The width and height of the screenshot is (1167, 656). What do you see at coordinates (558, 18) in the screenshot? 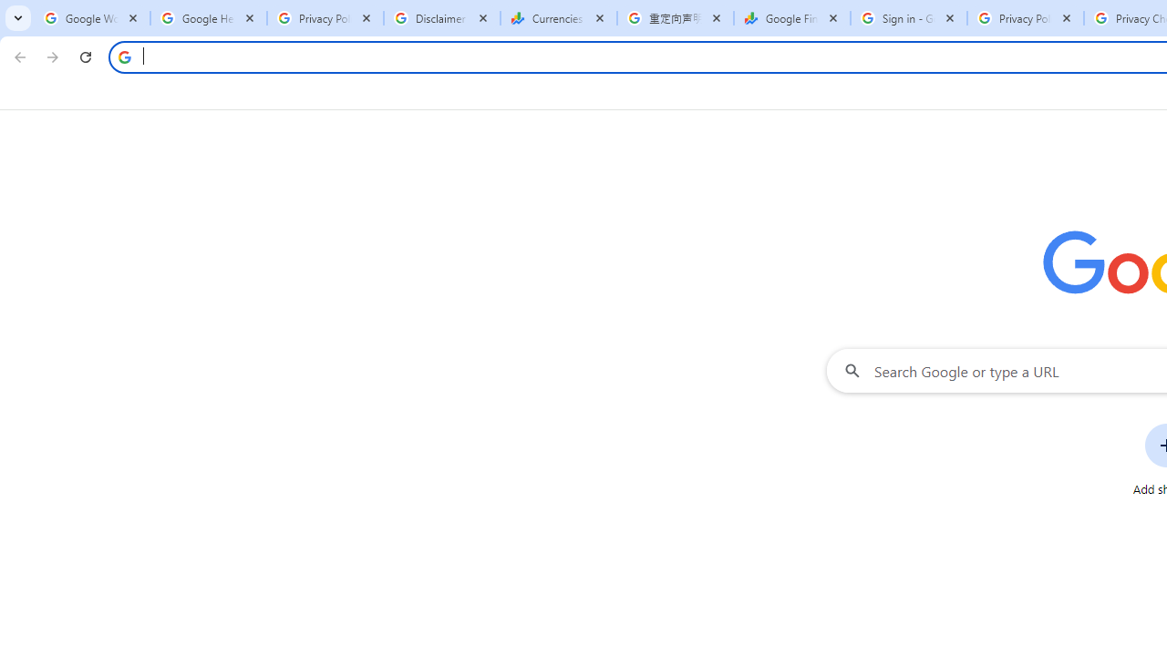
I see `'Currencies - Google Finance'` at bounding box center [558, 18].